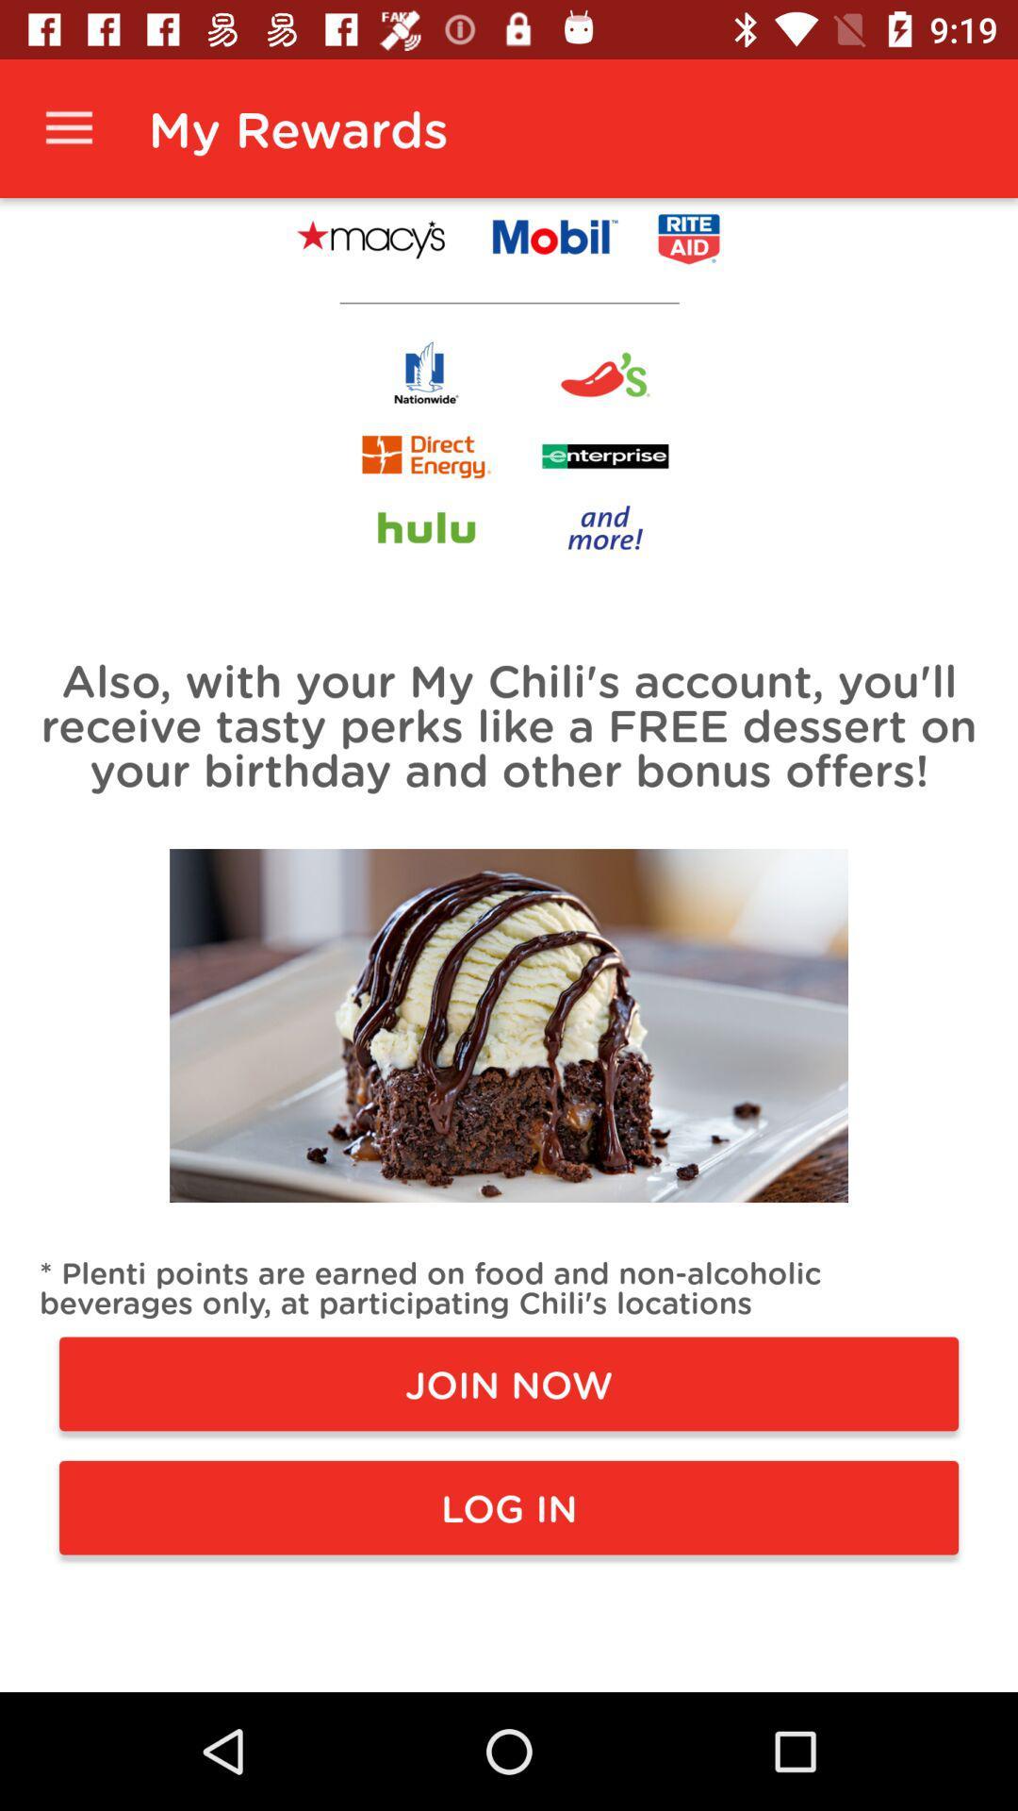 Image resolution: width=1018 pixels, height=1811 pixels. I want to click on the icon below join now icon, so click(509, 1506).